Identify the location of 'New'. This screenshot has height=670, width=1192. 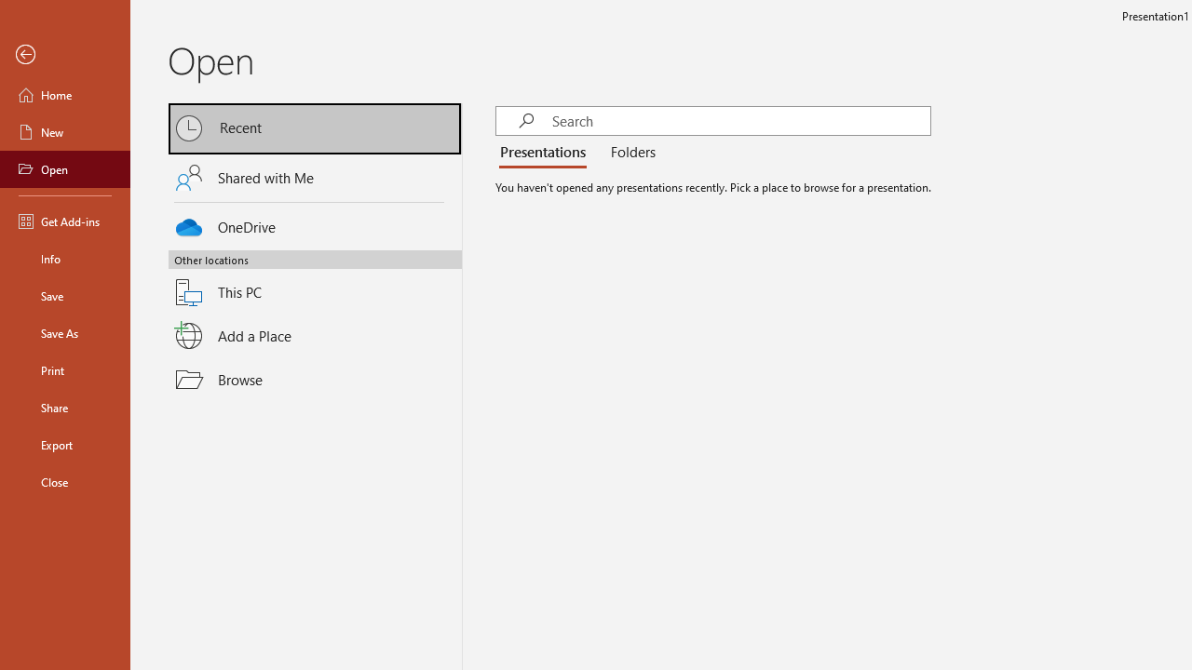
(64, 130).